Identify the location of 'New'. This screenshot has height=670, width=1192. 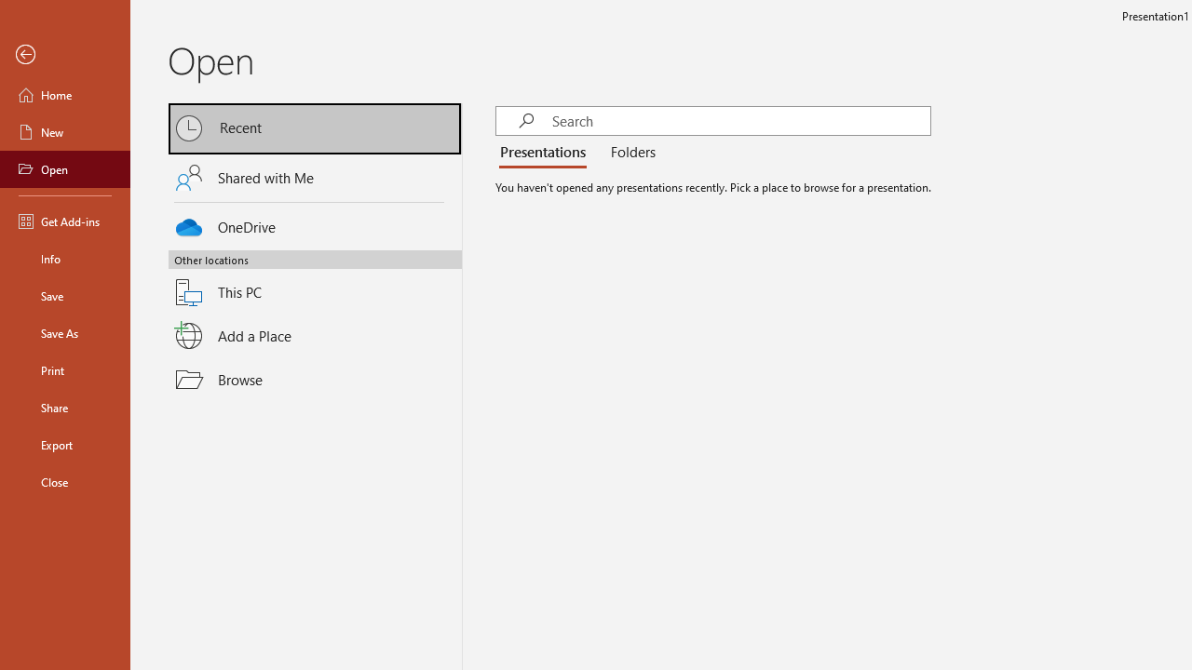
(64, 130).